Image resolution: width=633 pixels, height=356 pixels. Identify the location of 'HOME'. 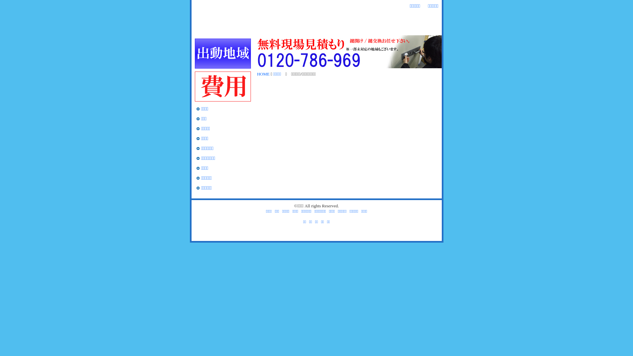
(256, 74).